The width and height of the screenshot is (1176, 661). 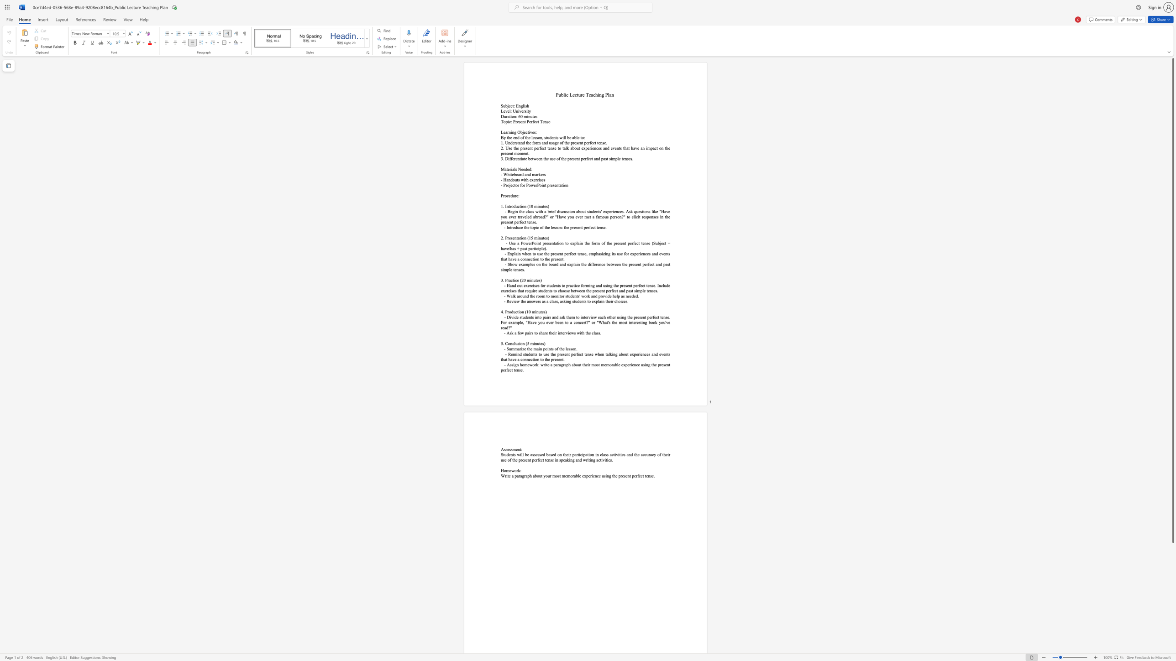 What do you see at coordinates (509, 195) in the screenshot?
I see `the 1th character "e" in the text` at bounding box center [509, 195].